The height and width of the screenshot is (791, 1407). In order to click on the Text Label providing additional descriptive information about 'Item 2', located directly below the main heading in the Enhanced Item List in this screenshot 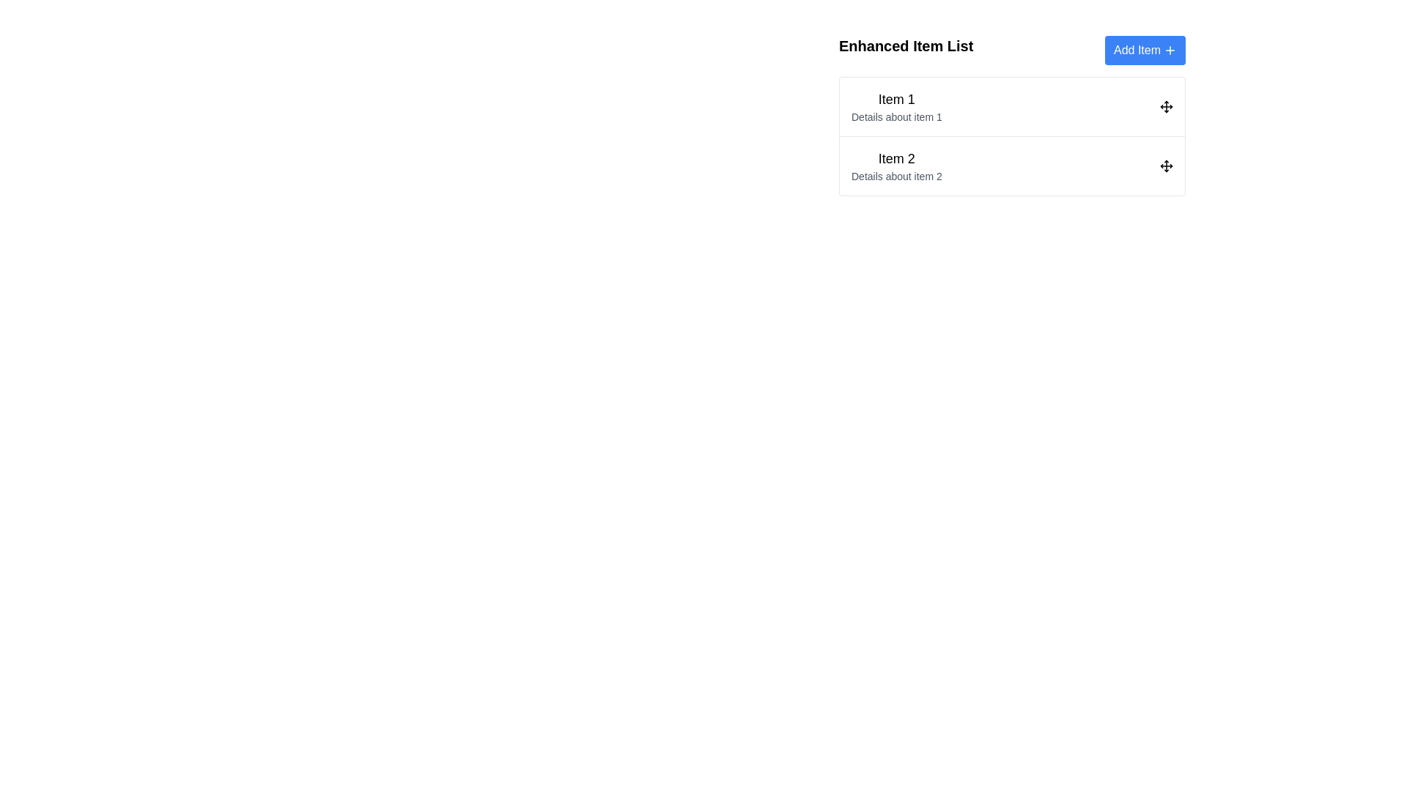, I will do `click(895, 175)`.